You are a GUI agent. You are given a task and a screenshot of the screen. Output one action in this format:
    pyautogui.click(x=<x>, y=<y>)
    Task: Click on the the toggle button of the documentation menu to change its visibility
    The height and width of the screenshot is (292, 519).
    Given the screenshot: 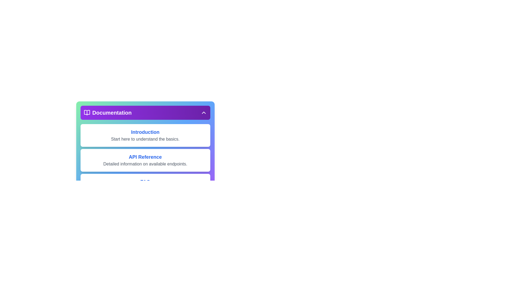 What is the action you would take?
    pyautogui.click(x=145, y=112)
    